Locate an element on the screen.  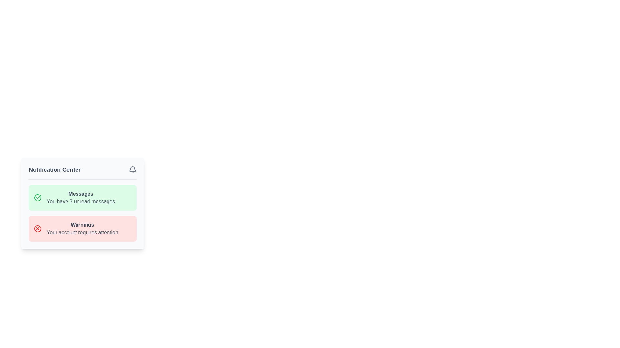
the SVG Circle that serves as the background for the warning icon, located in the 'Warnings' section of the 'Notification Center' card is located at coordinates (37, 228).